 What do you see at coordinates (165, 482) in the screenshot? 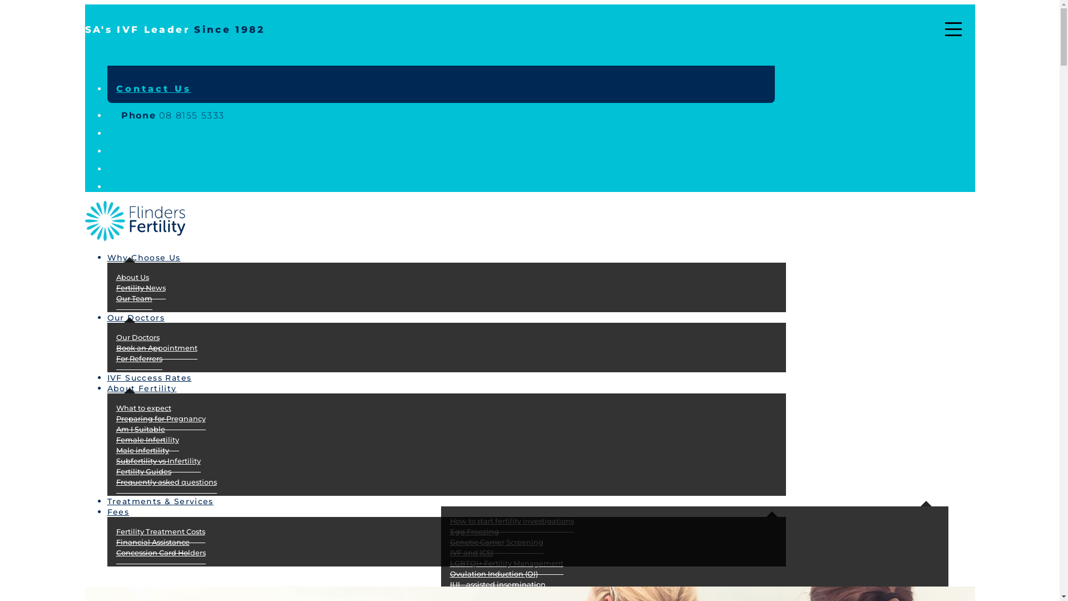
I see `'Frequently asked questions'` at bounding box center [165, 482].